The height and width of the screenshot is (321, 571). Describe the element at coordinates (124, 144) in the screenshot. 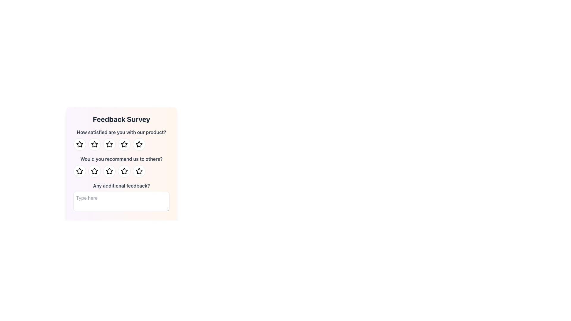

I see `the third star icon in the horizontal row of five stars` at that location.